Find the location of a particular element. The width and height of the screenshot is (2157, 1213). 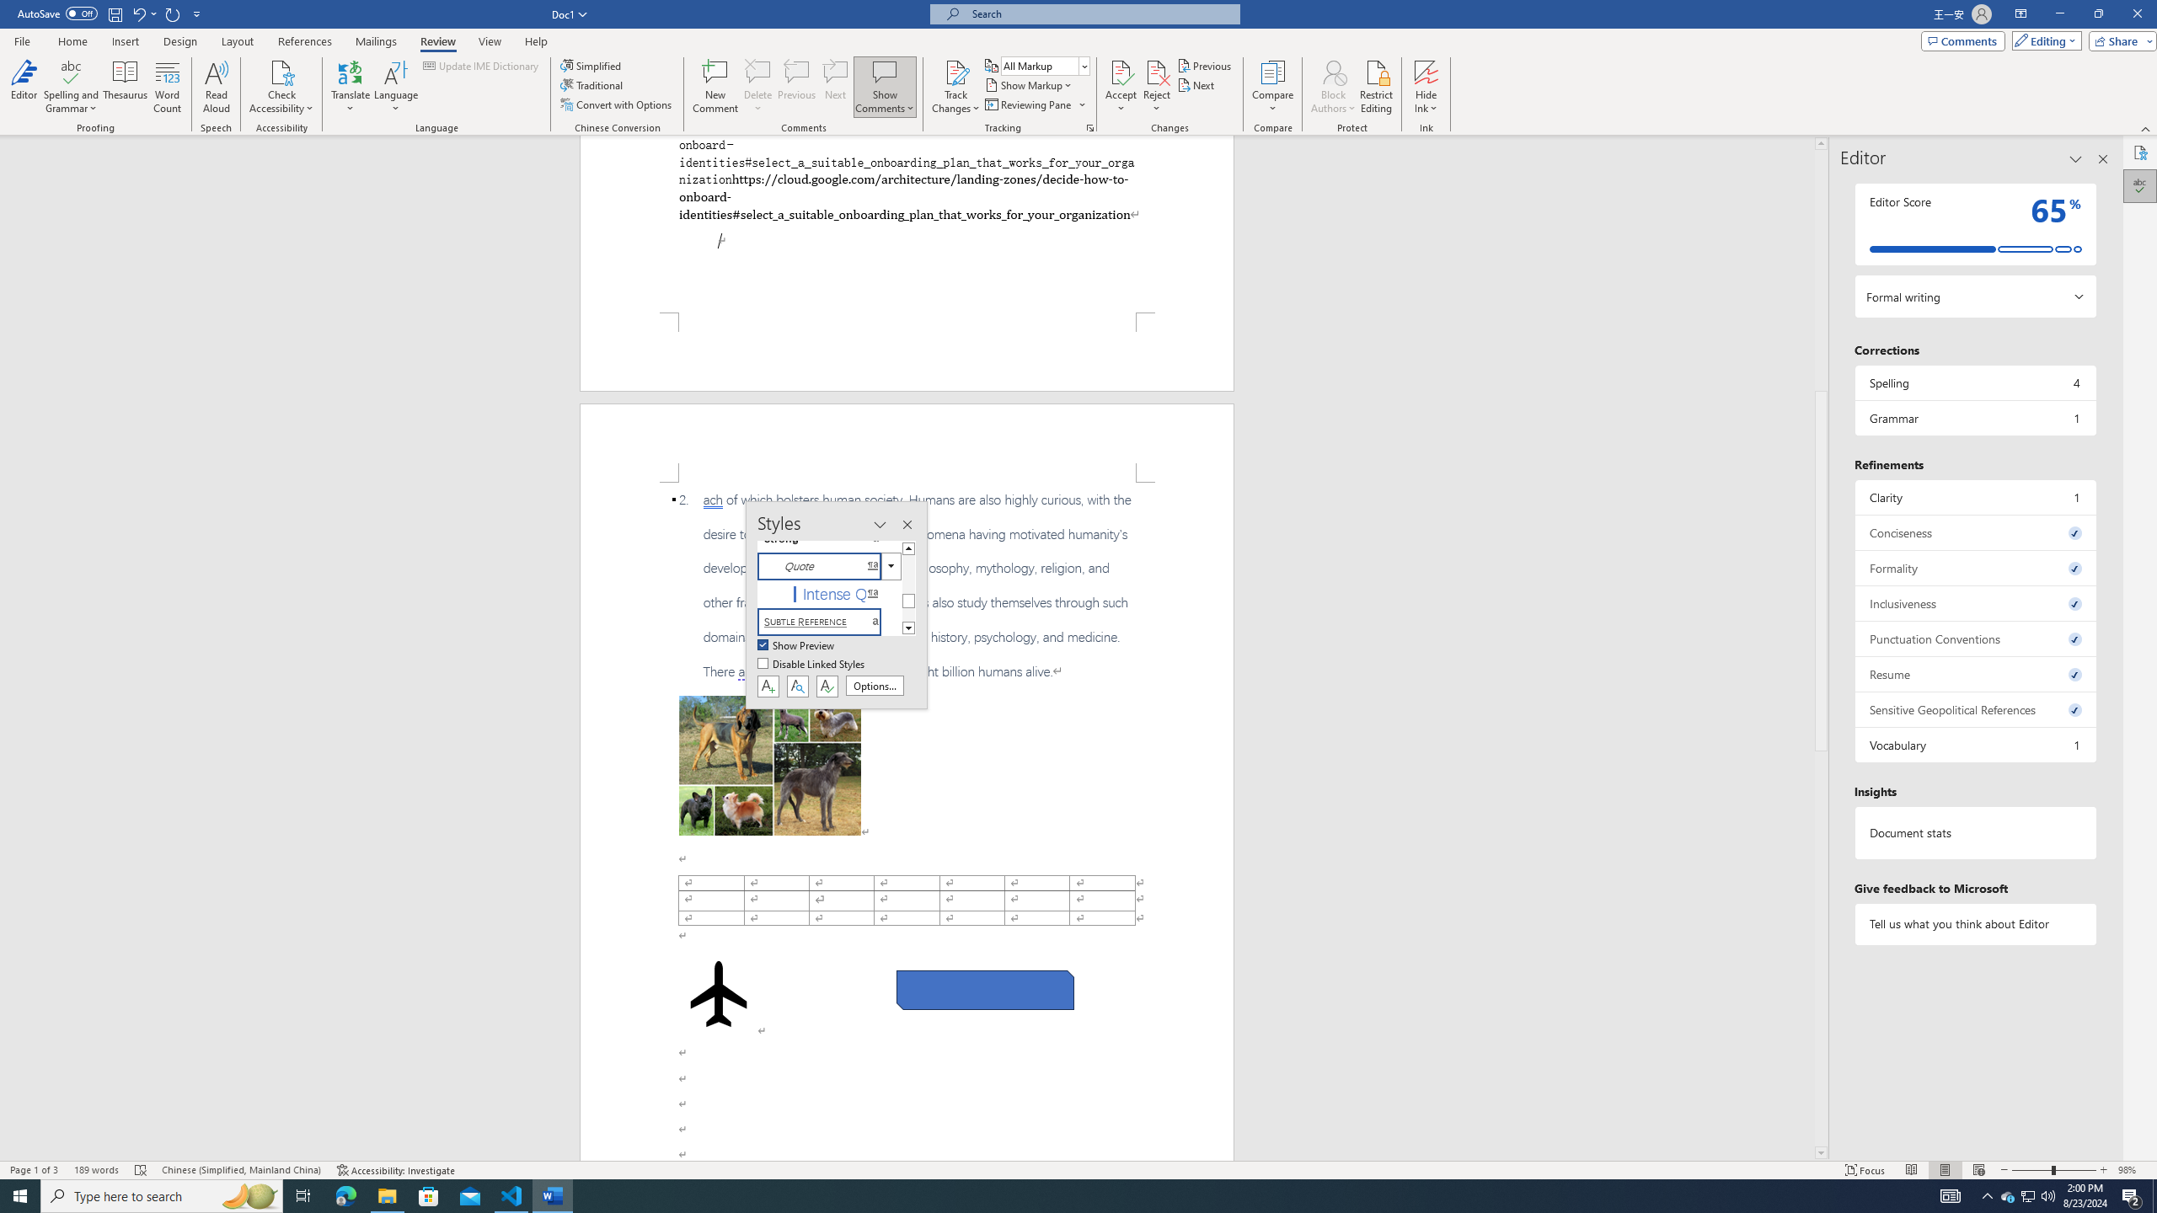

'Disable Linked Styles' is located at coordinates (811, 664).